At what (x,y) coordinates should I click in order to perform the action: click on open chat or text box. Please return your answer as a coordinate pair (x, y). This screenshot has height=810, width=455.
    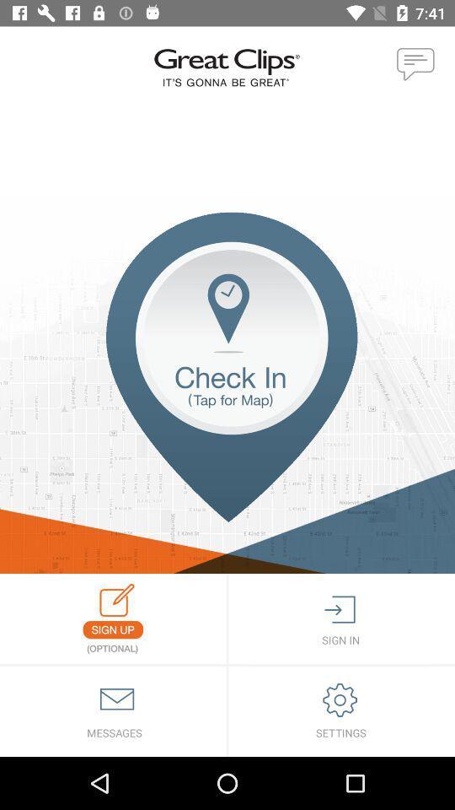
    Looking at the image, I should click on (415, 65).